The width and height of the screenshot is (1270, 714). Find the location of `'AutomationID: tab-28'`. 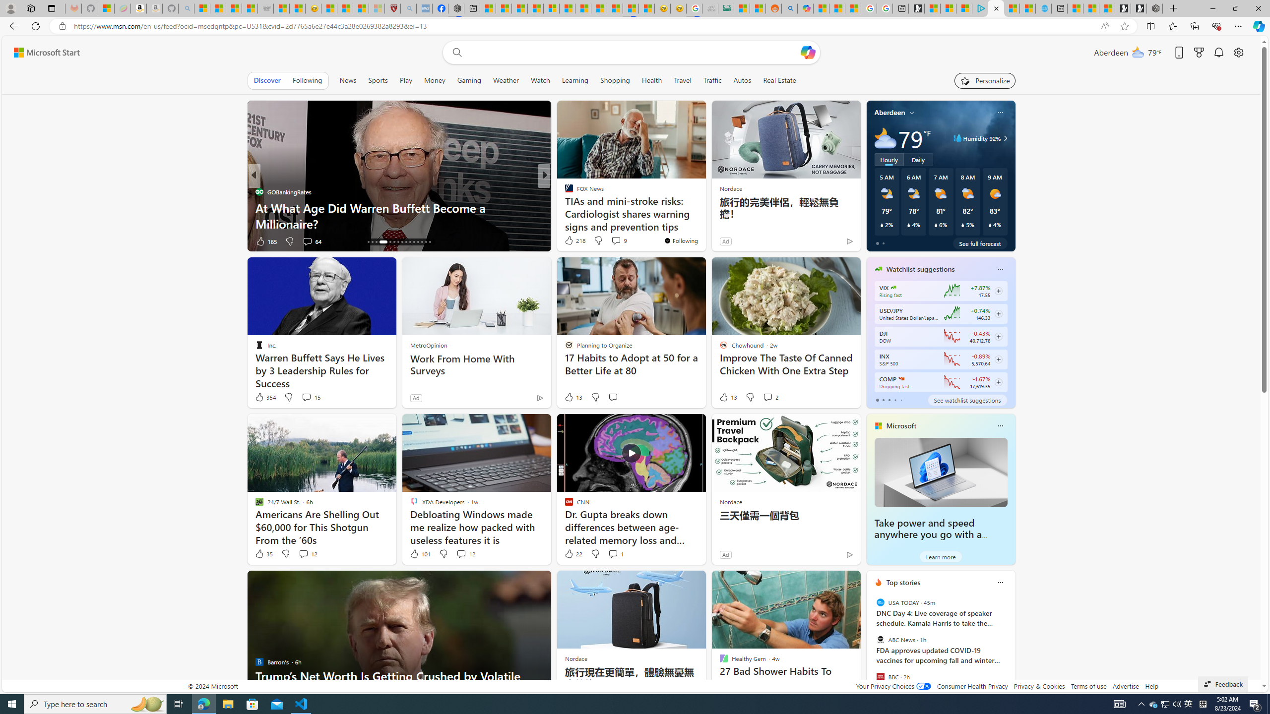

'AutomationID: tab-28' is located at coordinates (421, 241).